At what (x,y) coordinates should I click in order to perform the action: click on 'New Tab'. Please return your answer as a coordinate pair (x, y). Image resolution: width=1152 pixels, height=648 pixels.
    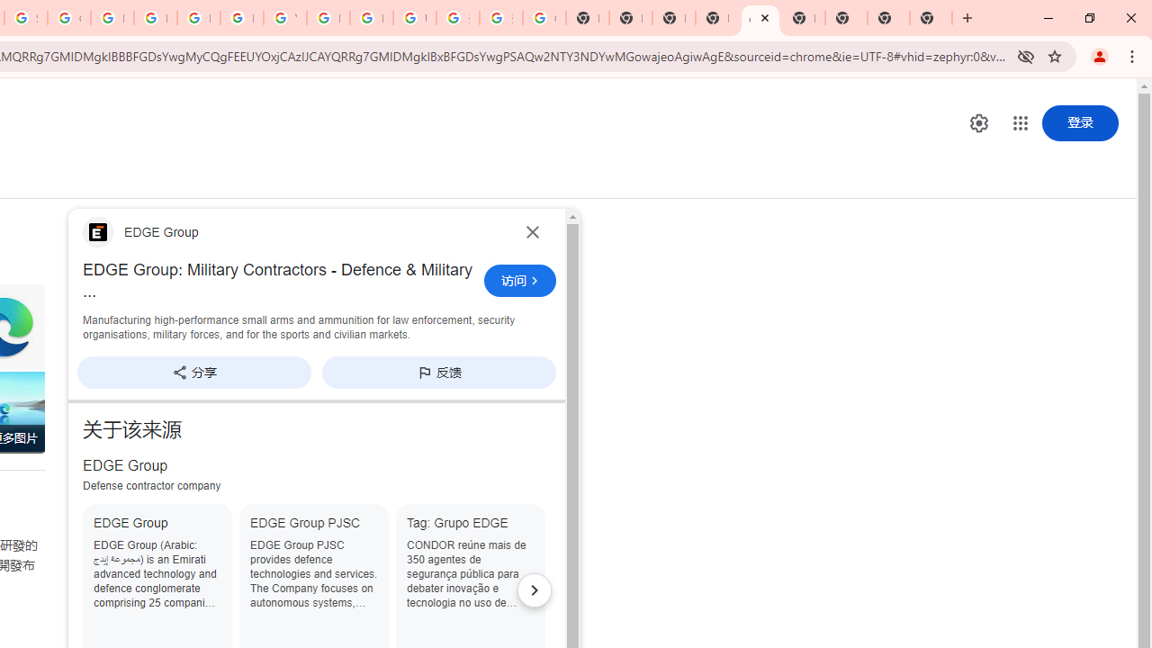
    Looking at the image, I should click on (931, 18).